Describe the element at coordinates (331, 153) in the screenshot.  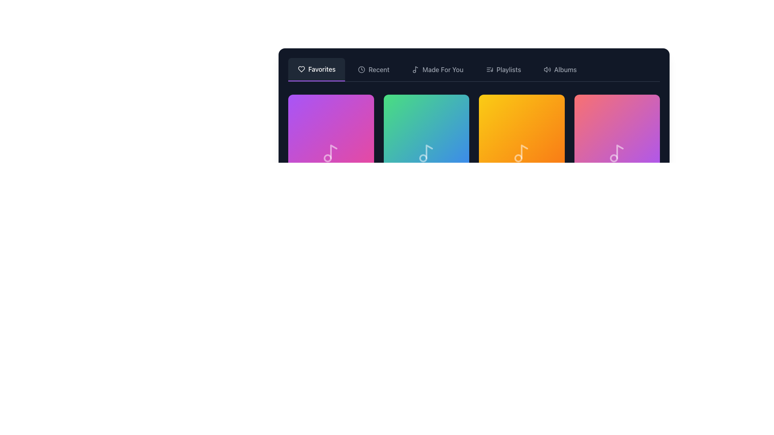
I see `the music note icon displayed in a light color on a vibrant pink background, located in the first card of a row of cards under the navigation bar` at that location.